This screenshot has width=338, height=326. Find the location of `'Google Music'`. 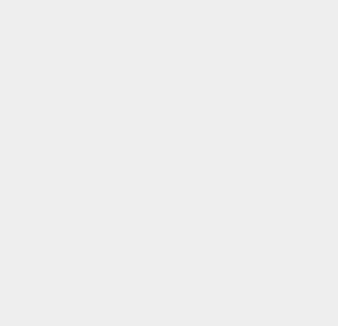

'Google Music' is located at coordinates (252, 238).